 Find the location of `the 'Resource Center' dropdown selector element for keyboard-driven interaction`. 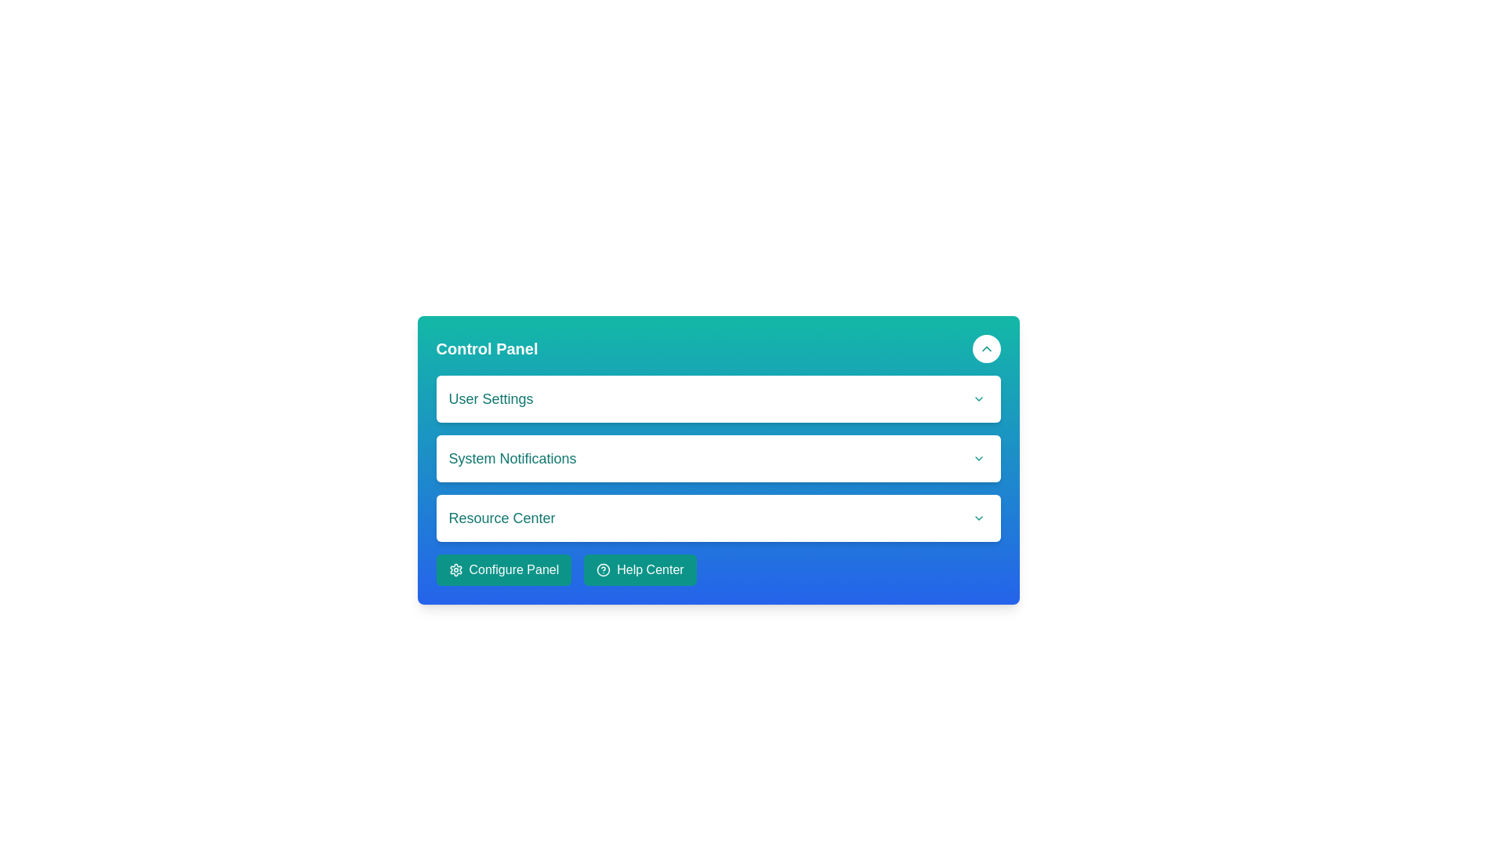

the 'Resource Center' dropdown selector element for keyboard-driven interaction is located at coordinates (717, 518).